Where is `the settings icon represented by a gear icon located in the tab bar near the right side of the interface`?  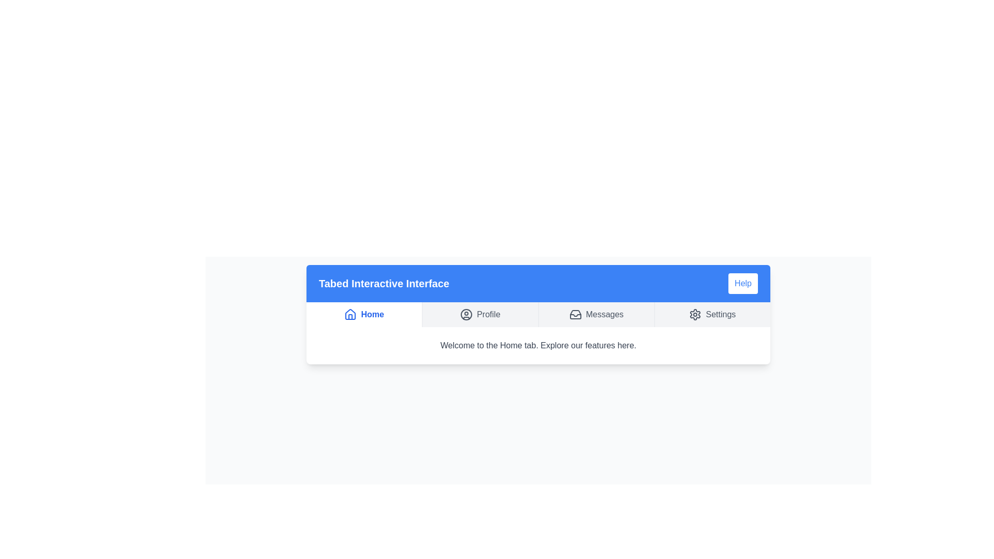
the settings icon represented by a gear icon located in the tab bar near the right side of the interface is located at coordinates (695, 314).